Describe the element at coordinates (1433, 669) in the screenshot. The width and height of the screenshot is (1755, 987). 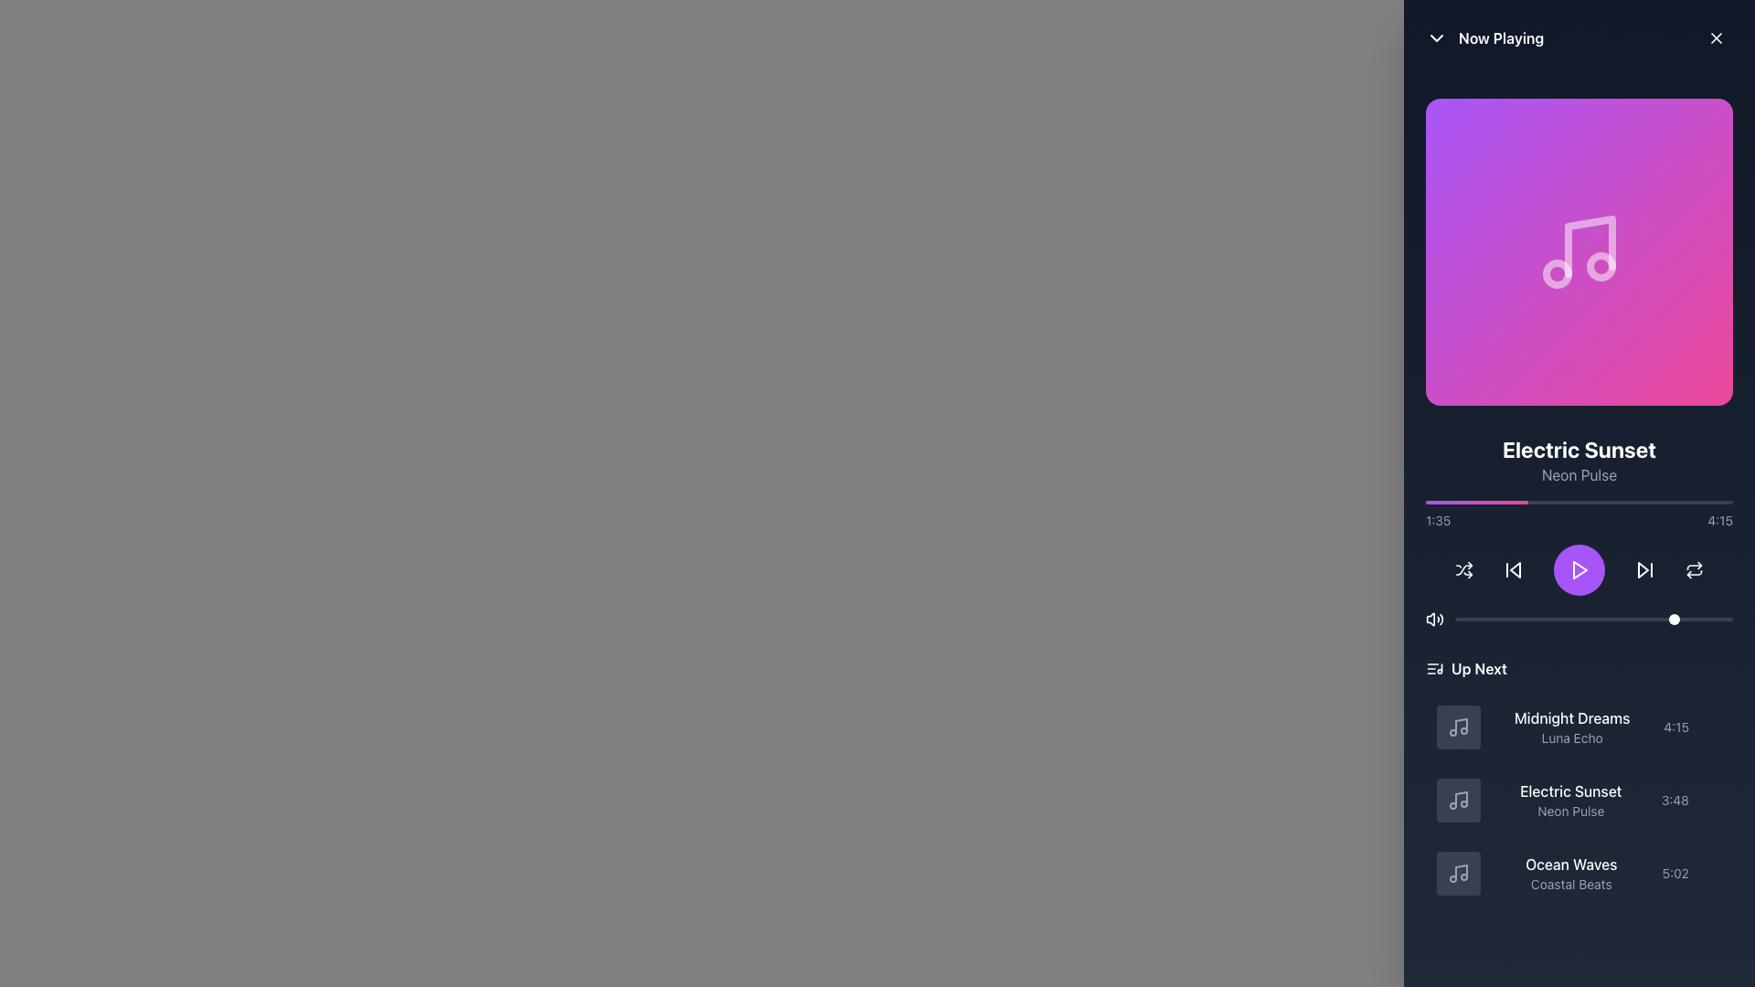
I see `the small music list icon located at the leftmost side of the 'Up Next' section, directly above the listed items` at that location.